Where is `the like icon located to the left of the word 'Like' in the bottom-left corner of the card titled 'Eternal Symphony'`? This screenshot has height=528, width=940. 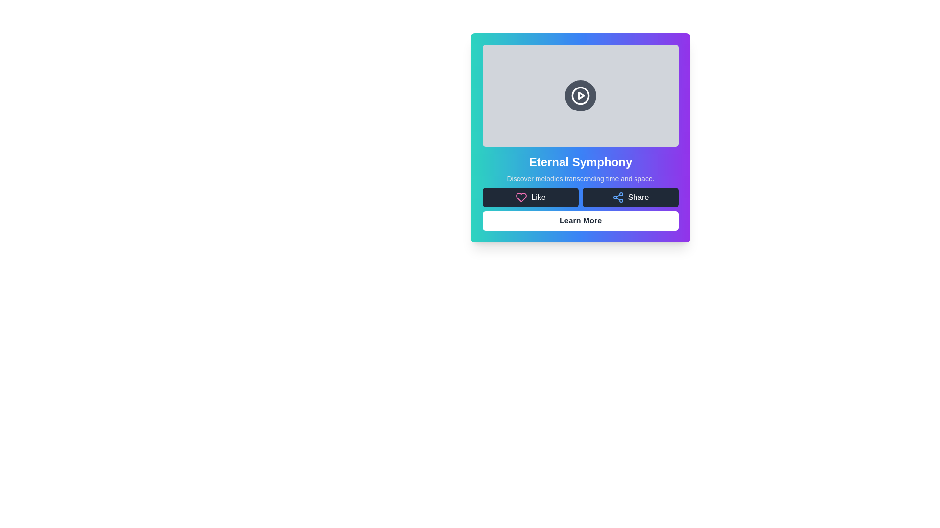
the like icon located to the left of the word 'Like' in the bottom-left corner of the card titled 'Eternal Symphony' is located at coordinates (521, 198).